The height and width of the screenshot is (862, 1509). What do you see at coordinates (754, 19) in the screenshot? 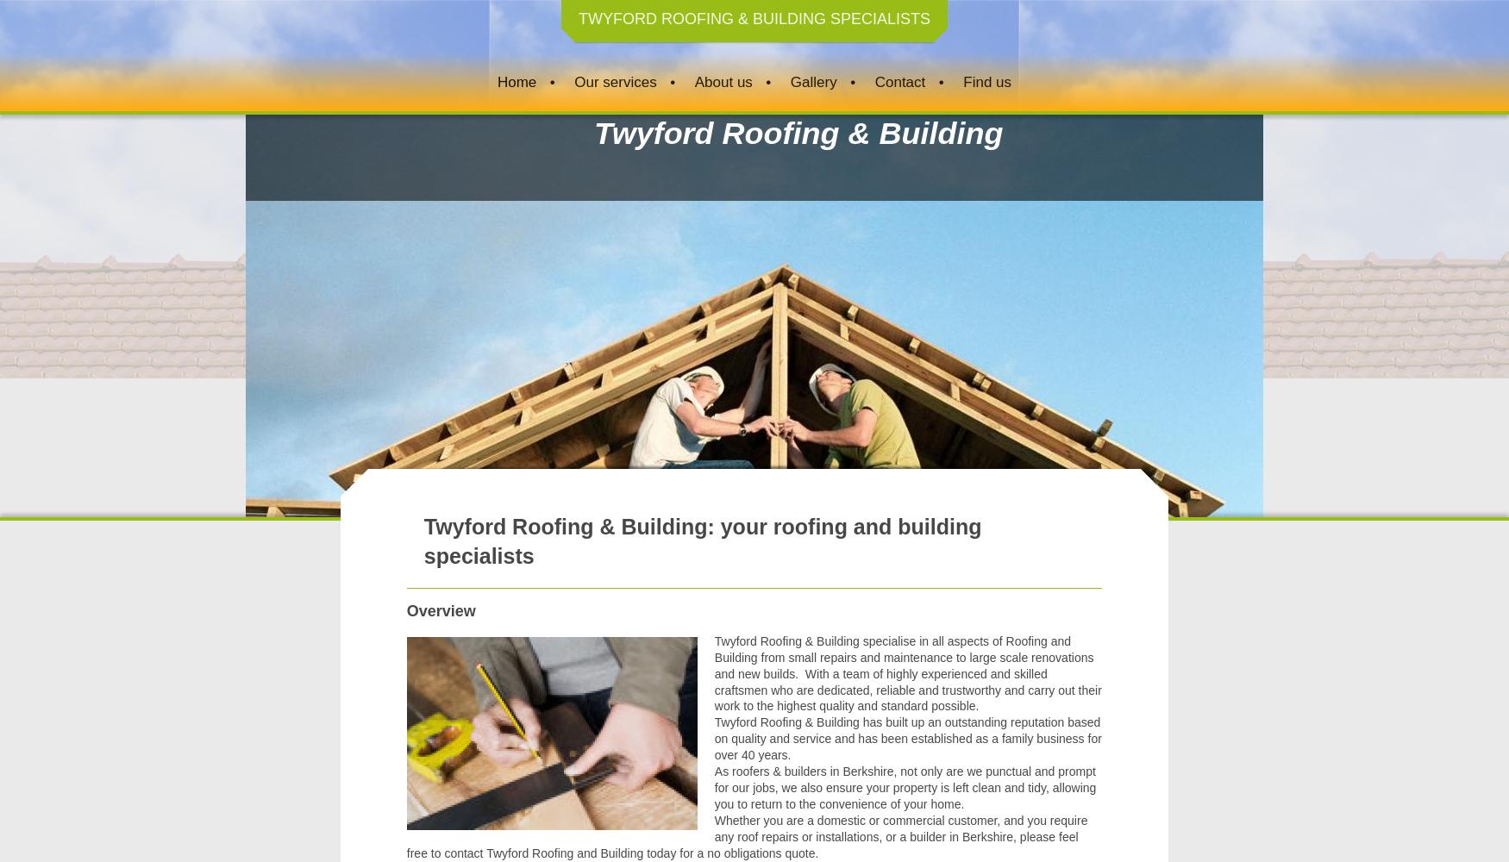
I see `'TWYFORD ROOFING & BUILDING SPECIALISTS'` at bounding box center [754, 19].